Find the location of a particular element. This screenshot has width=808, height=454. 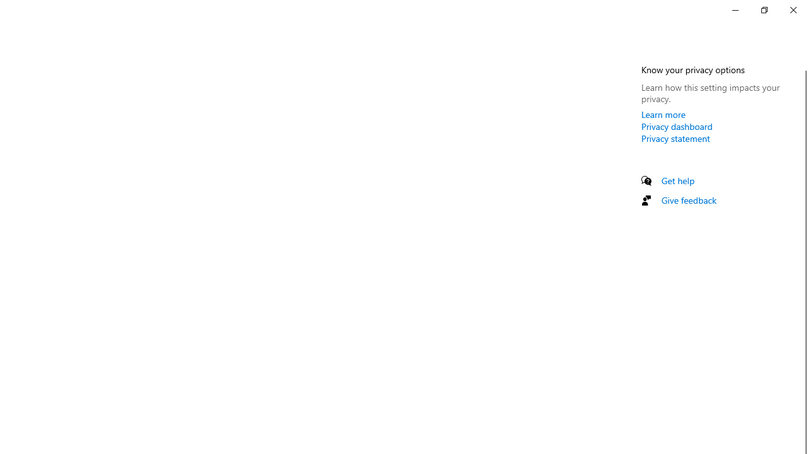

'Privacy dashboard' is located at coordinates (676, 126).